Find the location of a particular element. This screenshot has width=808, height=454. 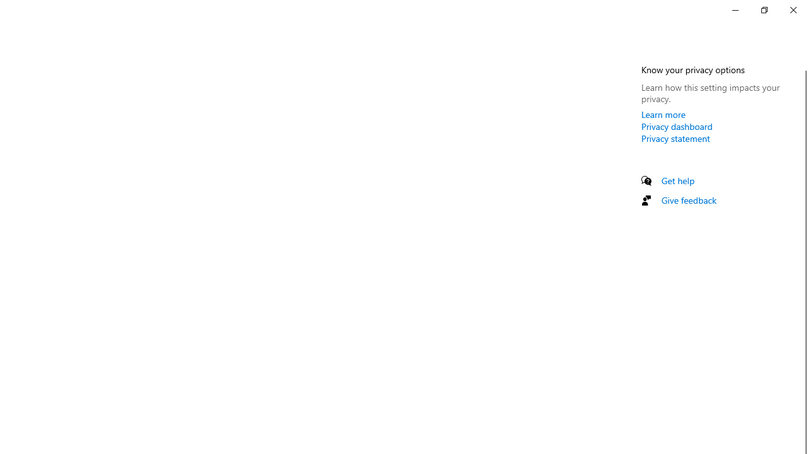

'Privacy dashboard' is located at coordinates (676, 126).